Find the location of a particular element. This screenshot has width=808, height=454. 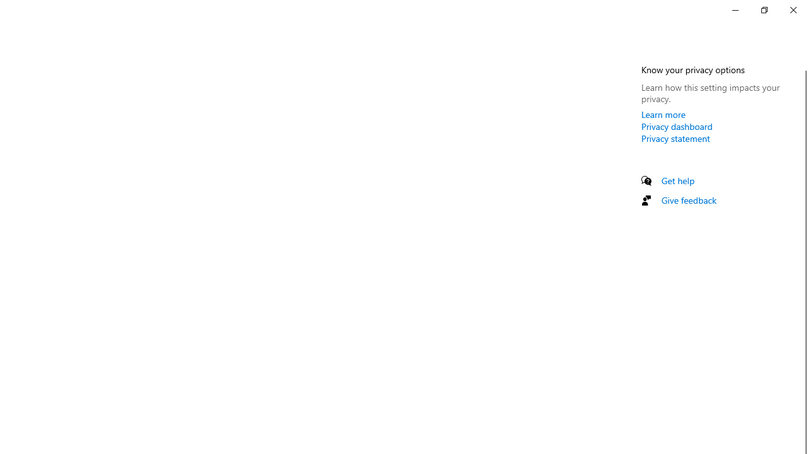

'Privacy dashboard' is located at coordinates (676, 126).